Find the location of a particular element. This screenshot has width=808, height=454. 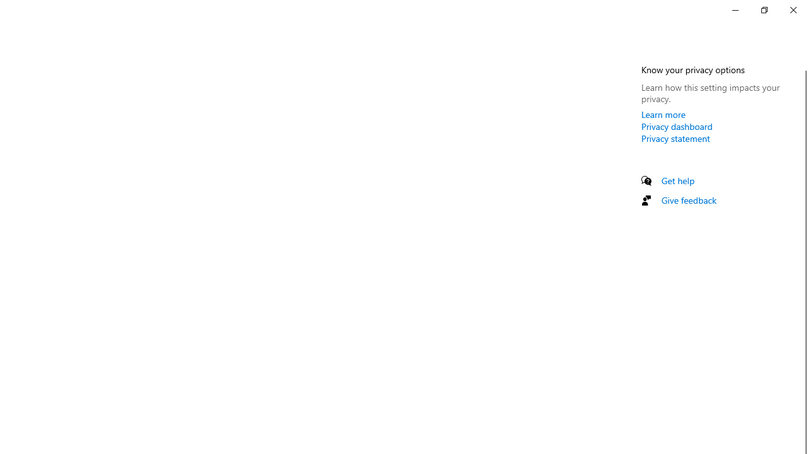

'Privacy dashboard' is located at coordinates (676, 126).